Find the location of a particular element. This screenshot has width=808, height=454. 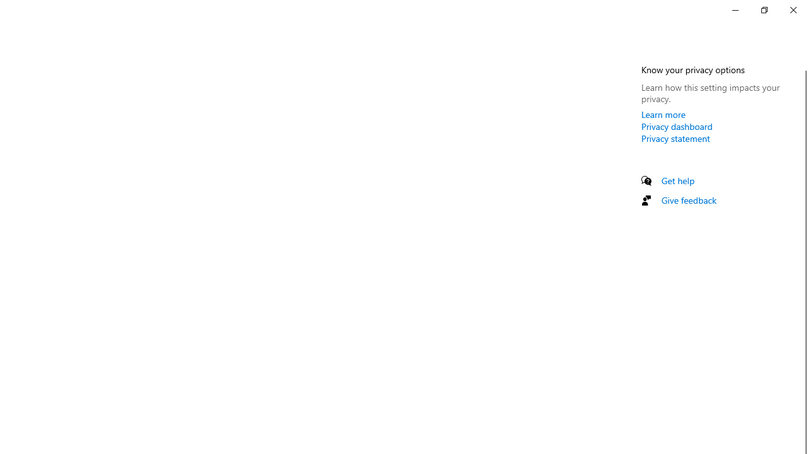

'Privacy dashboard' is located at coordinates (676, 126).